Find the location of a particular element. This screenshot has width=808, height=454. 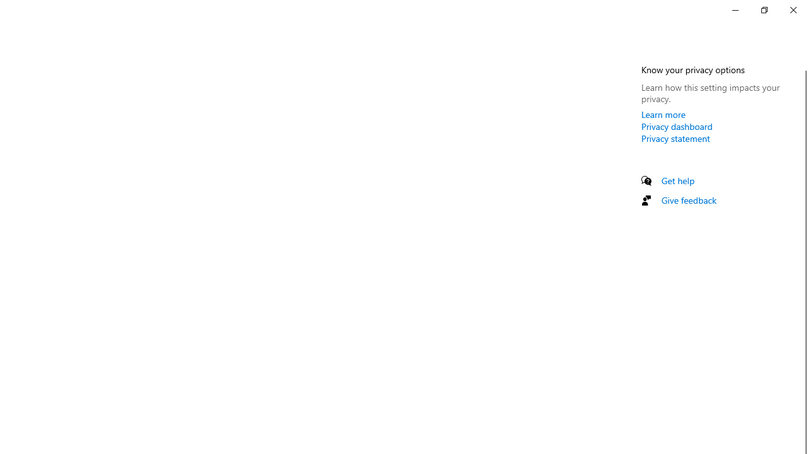

'Privacy dashboard' is located at coordinates (676, 126).